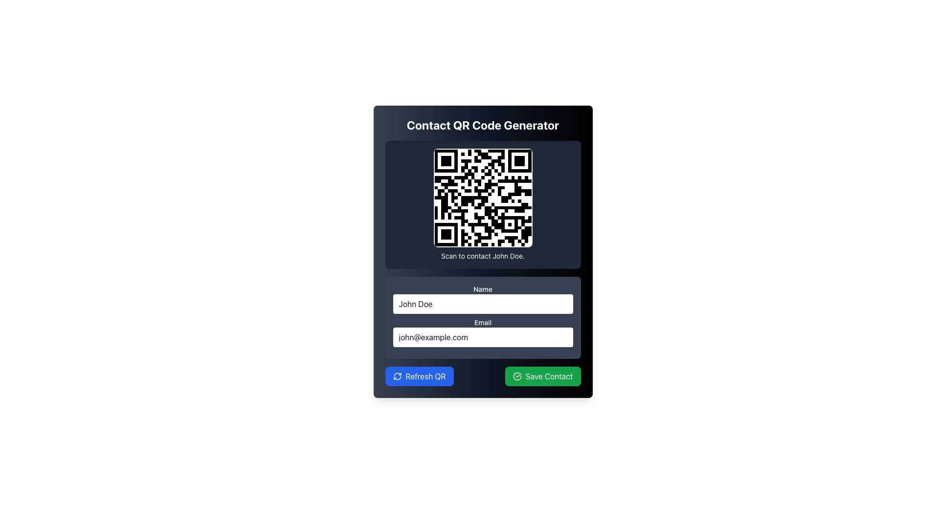  Describe the element at coordinates (397, 376) in the screenshot. I see `the visual style of the refresh icon, which is a circular arrow design in white on a blue background, located within the 'Refresh QR' button at the bottom-left section of the UI` at that location.